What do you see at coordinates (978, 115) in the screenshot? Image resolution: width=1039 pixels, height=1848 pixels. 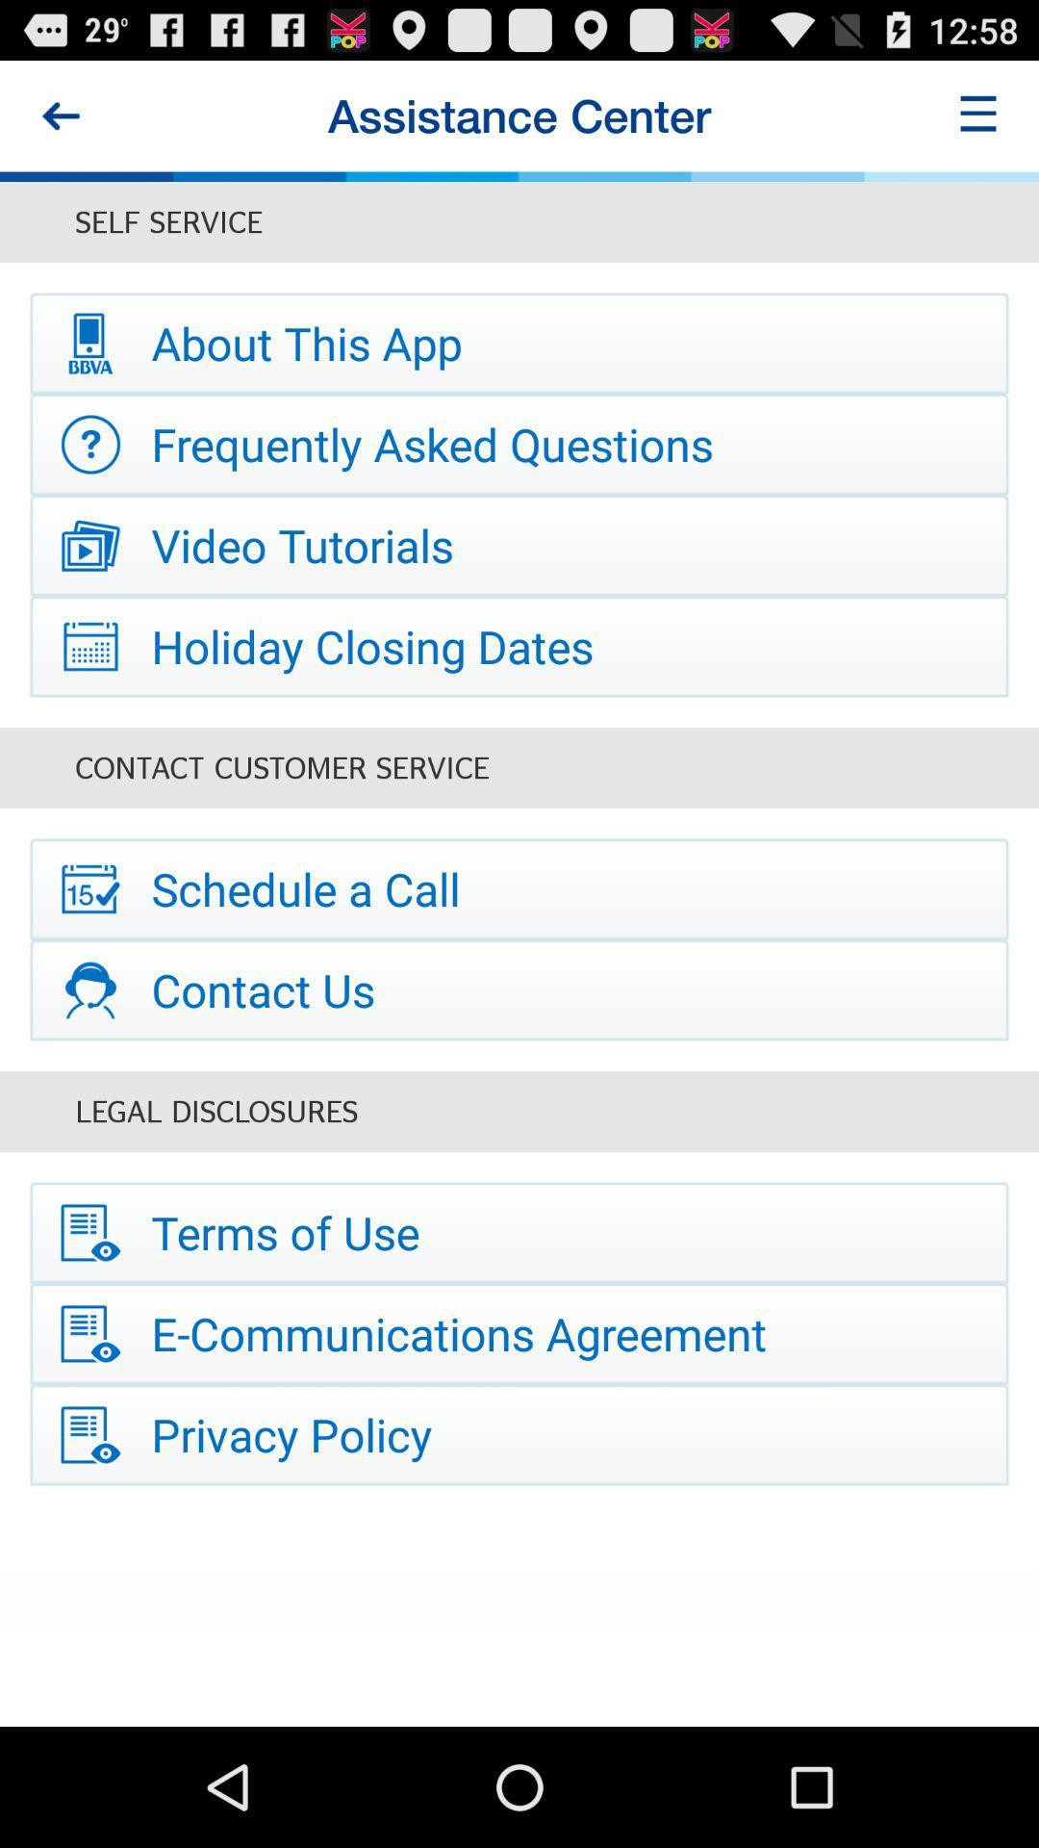 I see `main menu` at bounding box center [978, 115].